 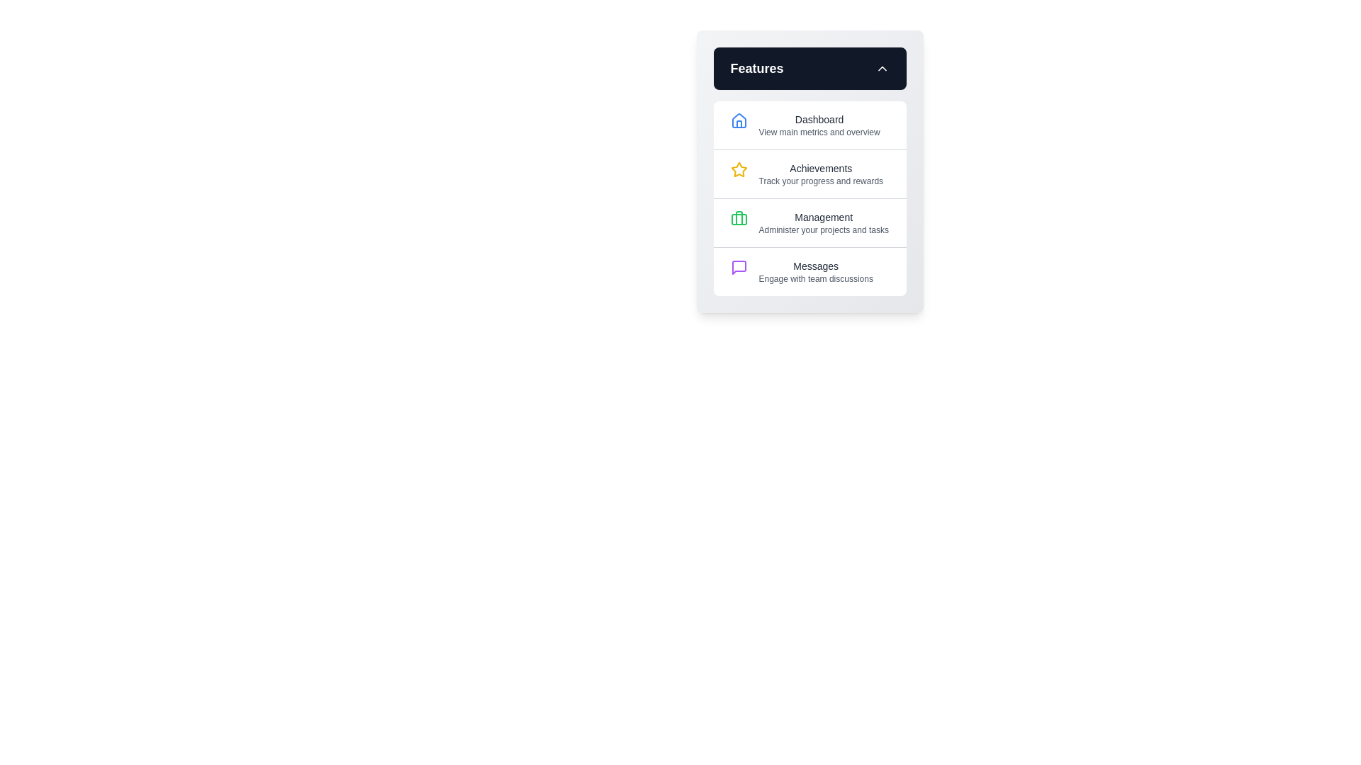 I want to click on the first List item in the navigation menu, located under the 'Features' title, so click(x=810, y=125).